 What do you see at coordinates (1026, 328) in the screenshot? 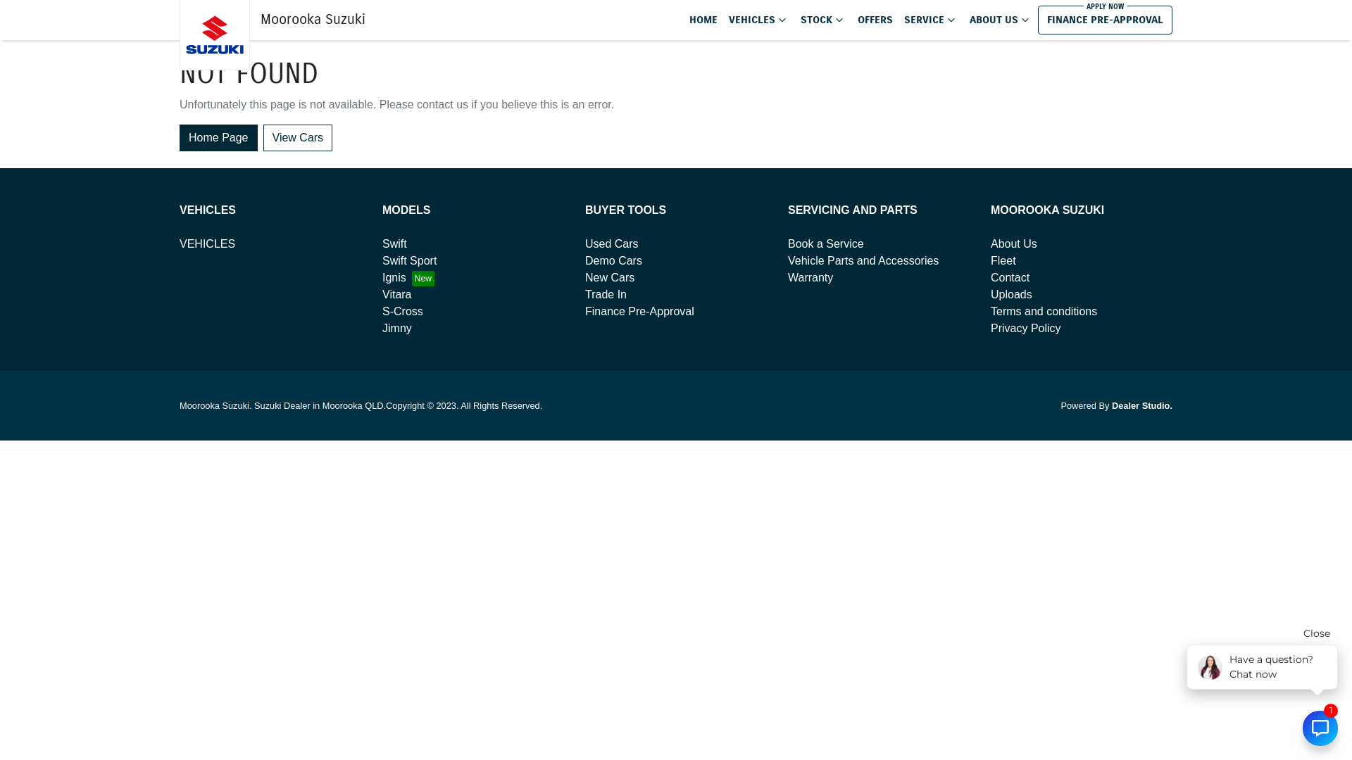
I see `'Privacy Policy'` at bounding box center [1026, 328].